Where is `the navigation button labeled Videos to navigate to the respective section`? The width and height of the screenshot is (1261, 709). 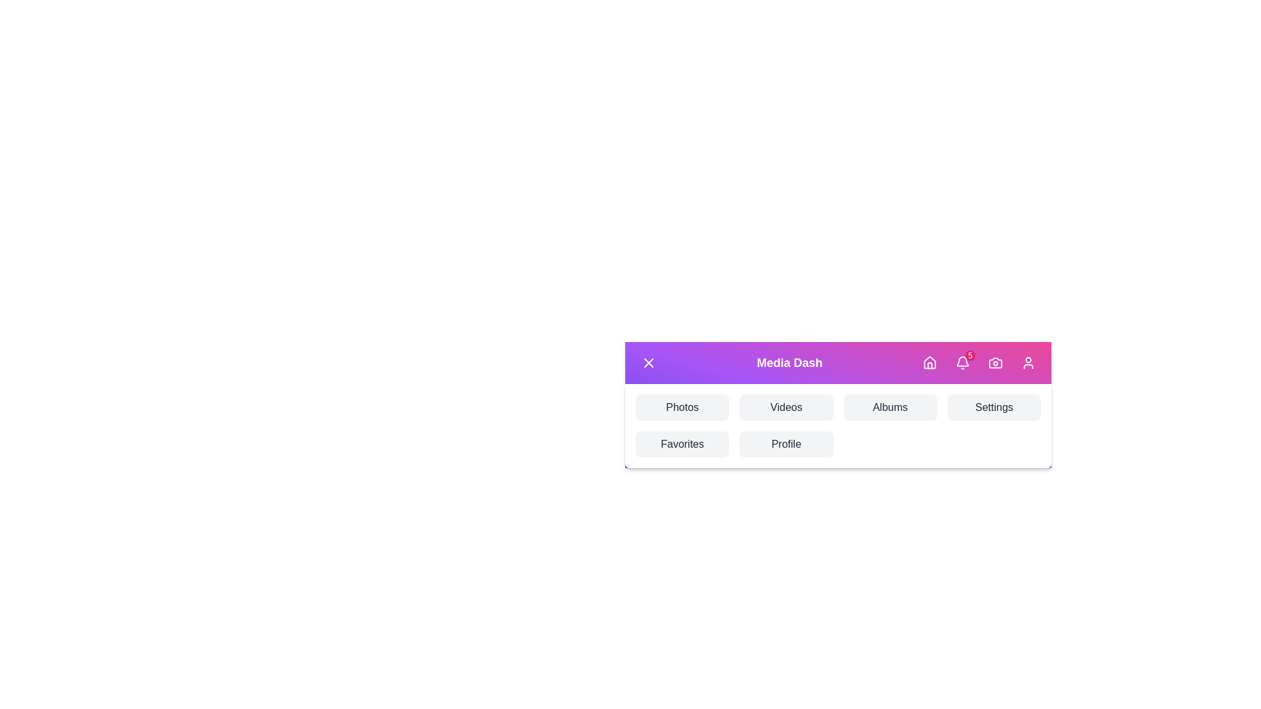
the navigation button labeled Videos to navigate to the respective section is located at coordinates (786, 407).